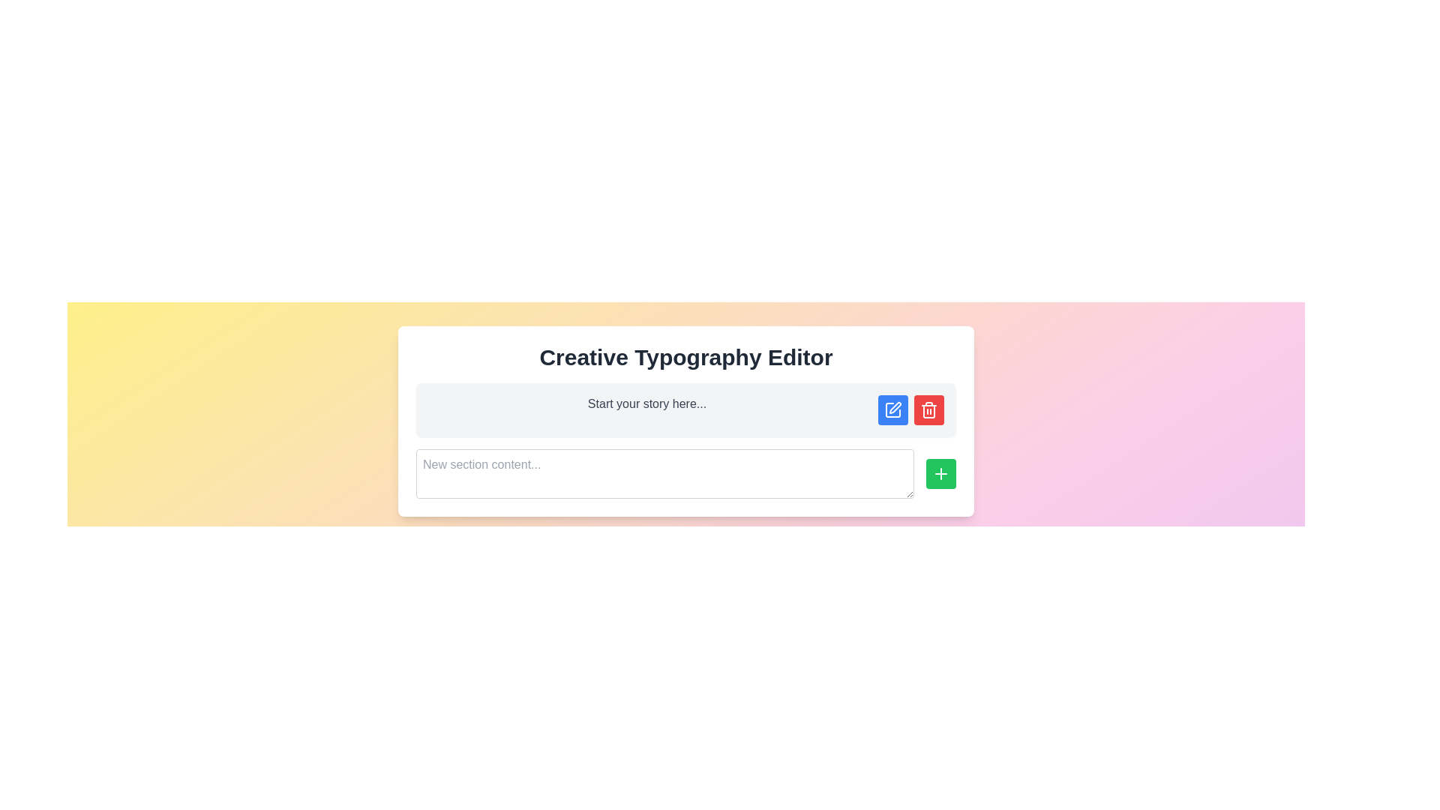 The image size is (1440, 810). What do you see at coordinates (895, 407) in the screenshot?
I see `the pen-shaped icon located within the blue button` at bounding box center [895, 407].